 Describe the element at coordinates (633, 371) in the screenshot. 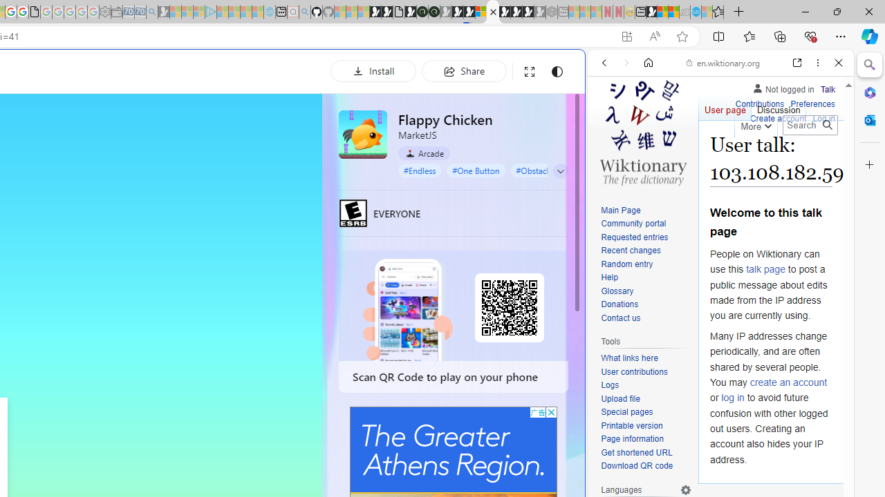

I see `'User contributions'` at that location.